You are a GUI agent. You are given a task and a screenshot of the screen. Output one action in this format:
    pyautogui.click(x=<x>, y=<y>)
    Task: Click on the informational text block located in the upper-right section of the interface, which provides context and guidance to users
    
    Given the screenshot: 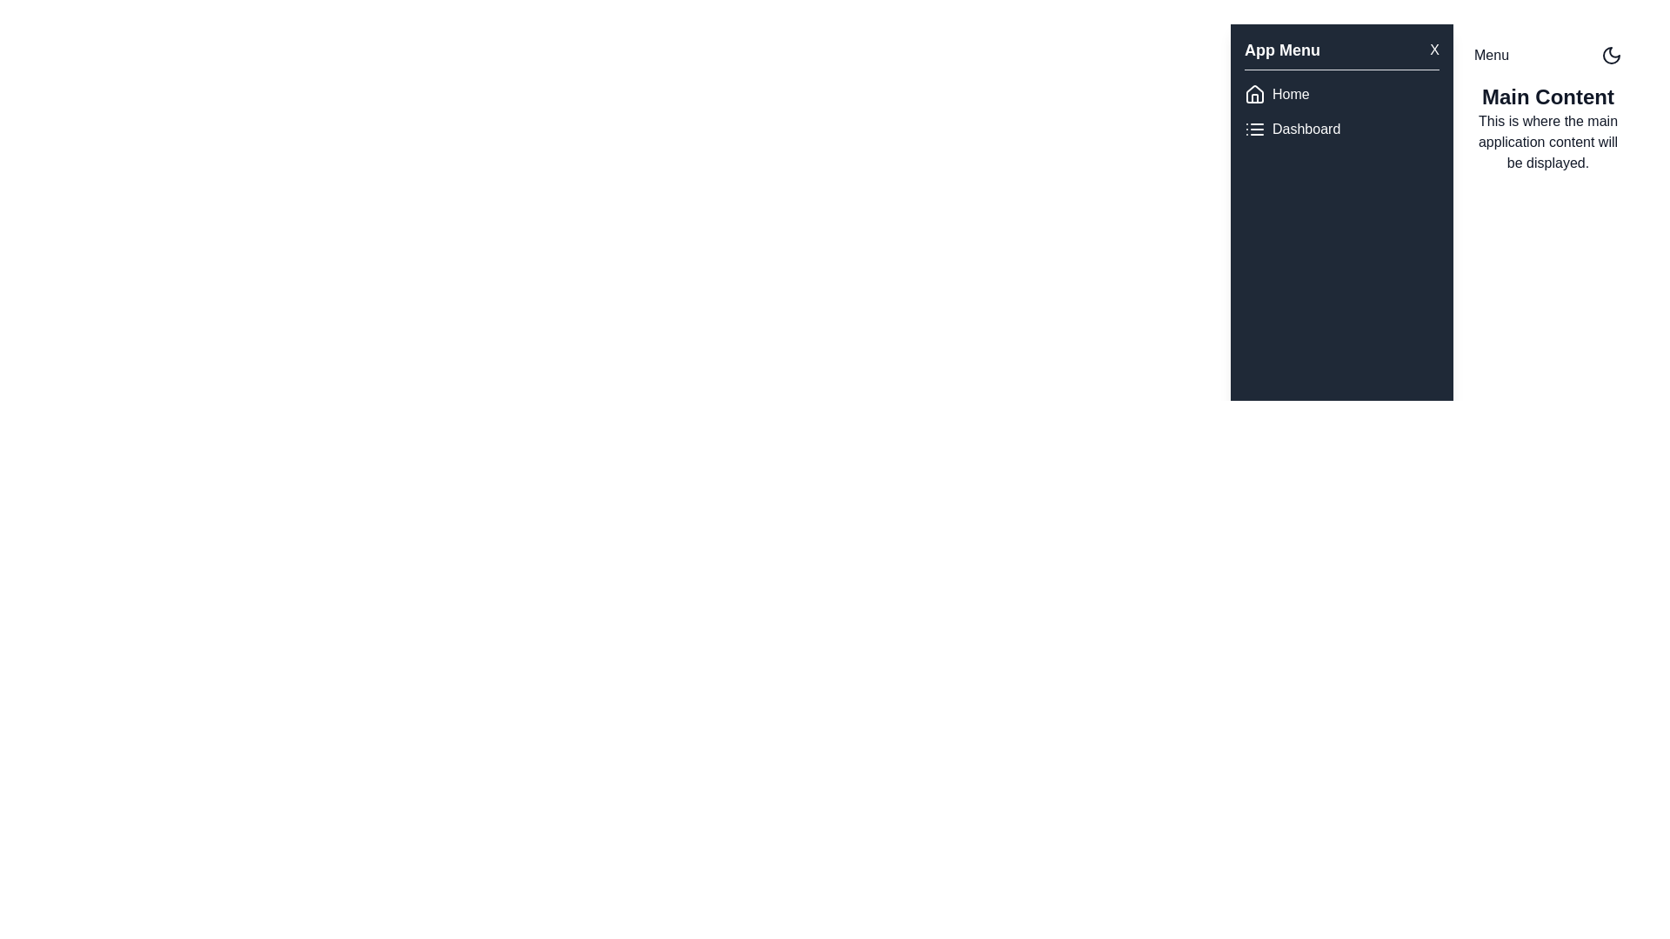 What is the action you would take?
    pyautogui.click(x=1548, y=127)
    